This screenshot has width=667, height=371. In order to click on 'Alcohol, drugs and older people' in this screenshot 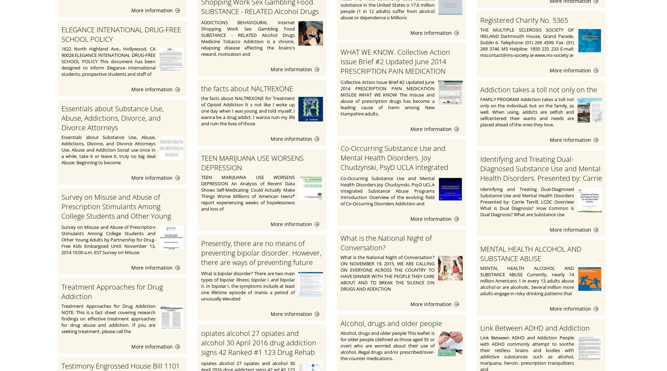, I will do `click(391, 323)`.